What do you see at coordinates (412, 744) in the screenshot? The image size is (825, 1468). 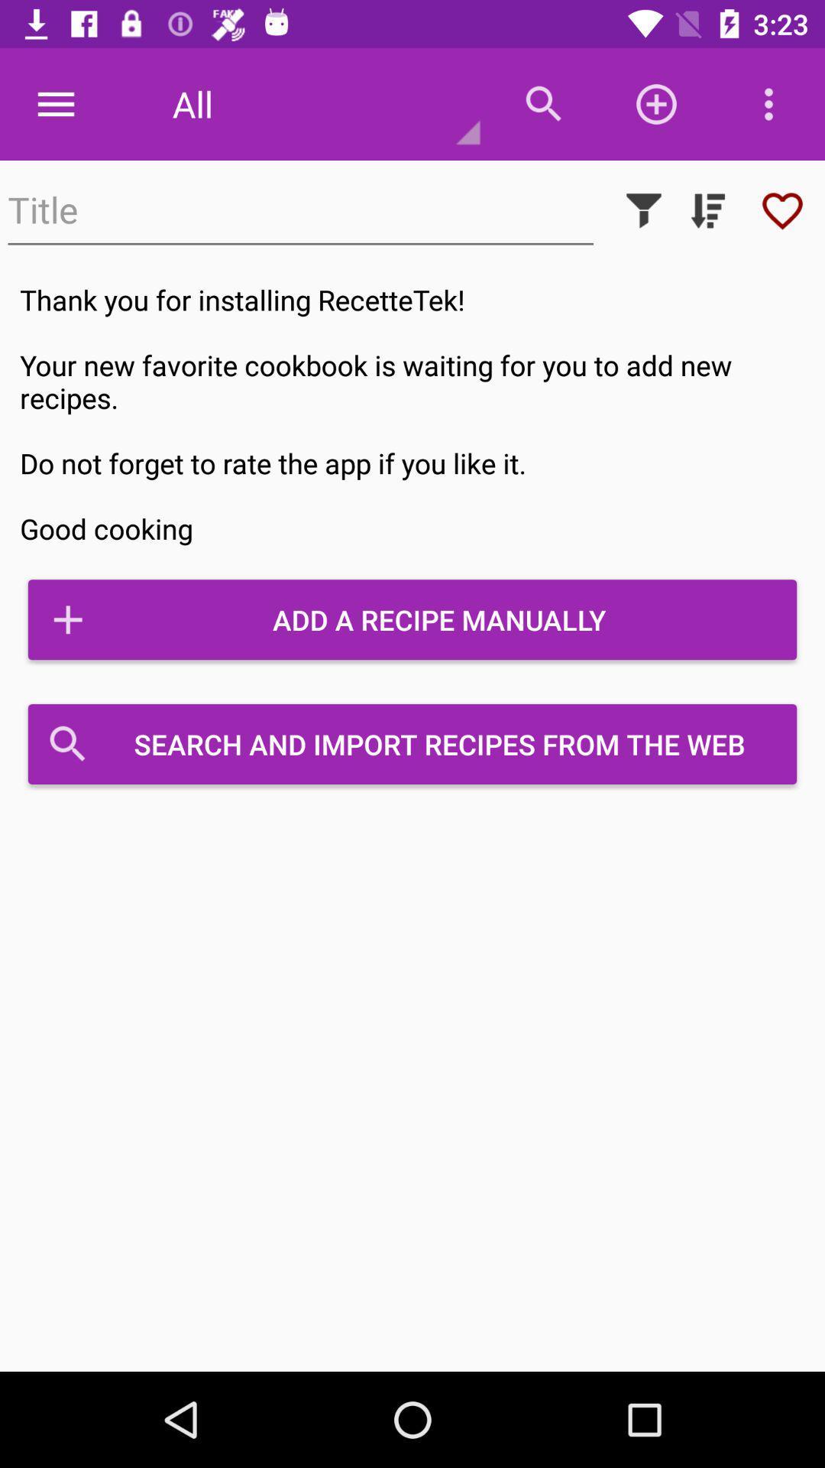 I see `the search and import icon` at bounding box center [412, 744].